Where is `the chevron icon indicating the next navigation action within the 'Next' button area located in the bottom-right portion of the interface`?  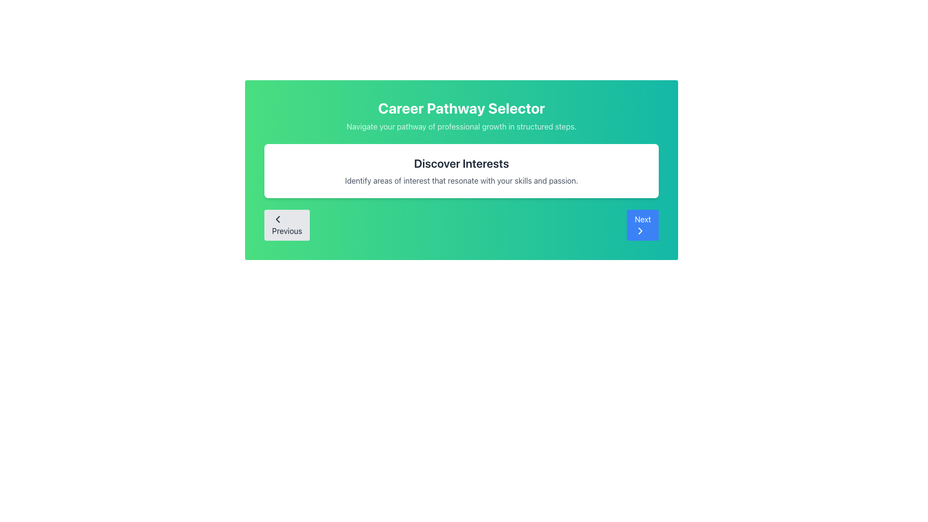 the chevron icon indicating the next navigation action within the 'Next' button area located in the bottom-right portion of the interface is located at coordinates (640, 231).